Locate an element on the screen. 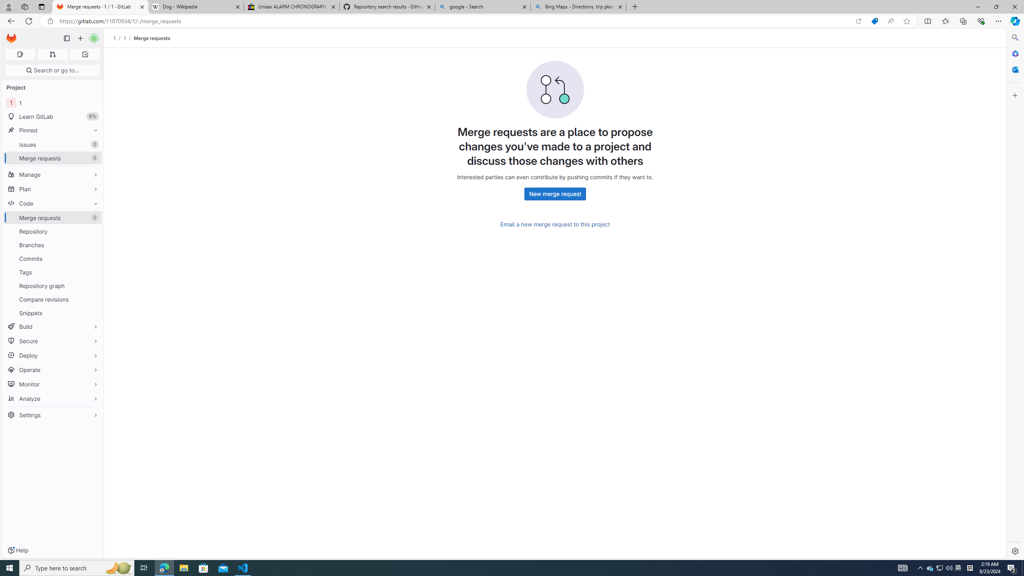 Image resolution: width=1024 pixels, height=576 pixels. 'Build' is located at coordinates (52, 326).